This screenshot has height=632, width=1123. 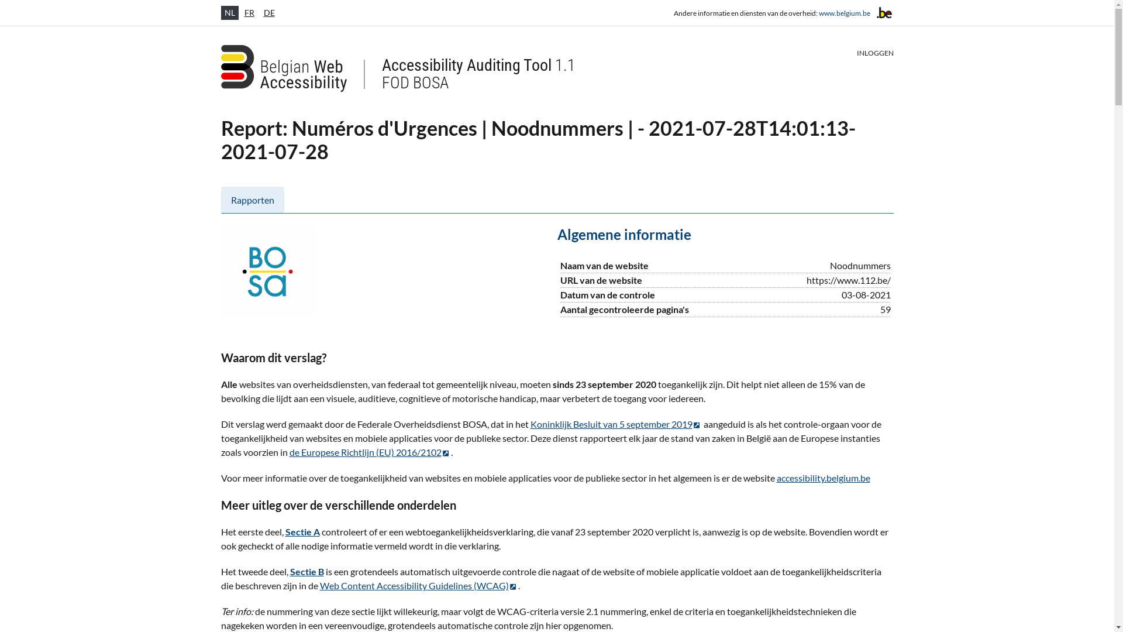 What do you see at coordinates (252, 200) in the screenshot?
I see `'Rapporten'` at bounding box center [252, 200].